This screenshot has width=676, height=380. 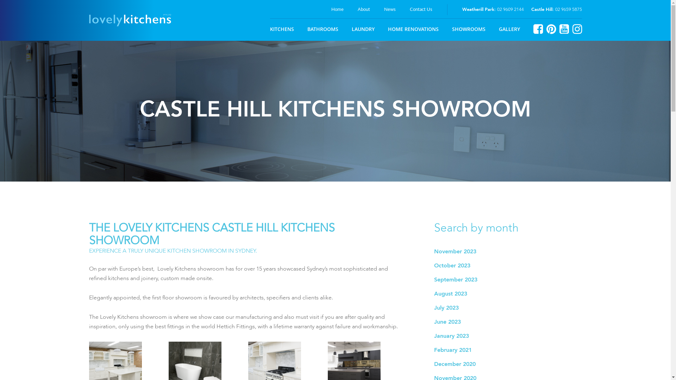 I want to click on 'News', so click(x=389, y=9).